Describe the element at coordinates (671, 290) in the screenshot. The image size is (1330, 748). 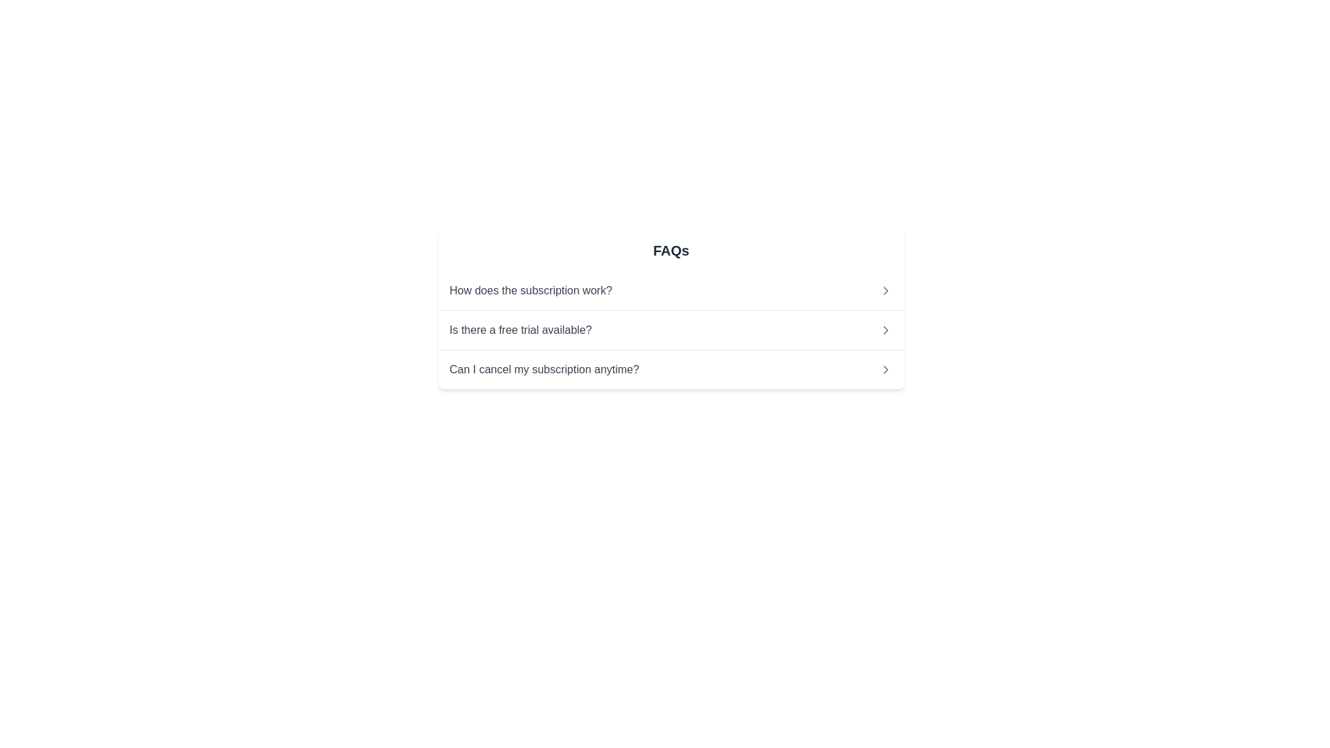
I see `the first row of the FAQ section, which is a collapsible item or navigation button` at that location.